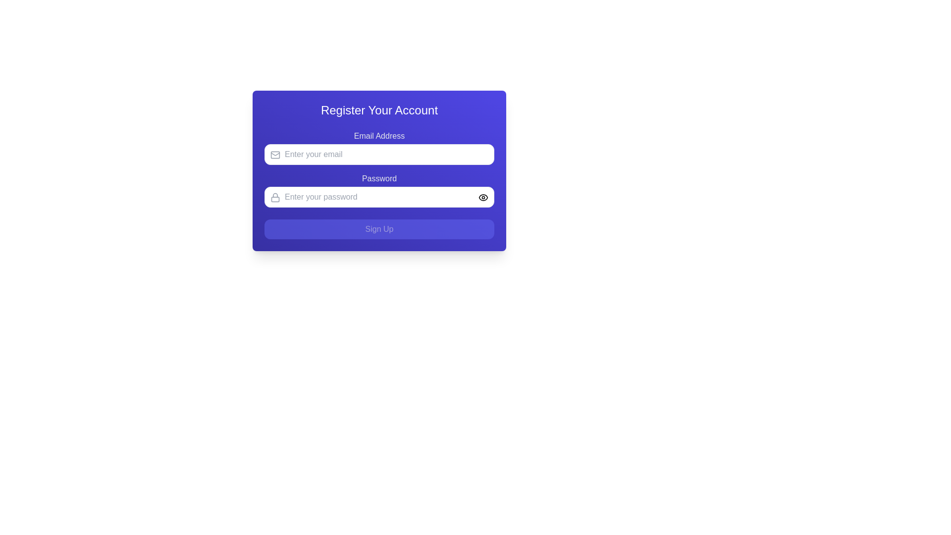 This screenshot has height=535, width=951. I want to click on the heading element that serves as the title for the registration form, located at the top section of the card layout, so click(379, 110).